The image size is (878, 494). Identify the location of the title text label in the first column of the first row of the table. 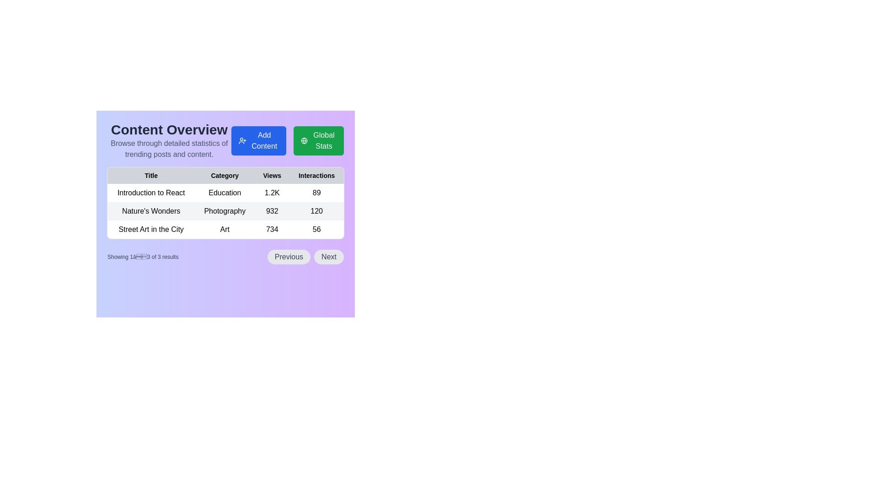
(151, 192).